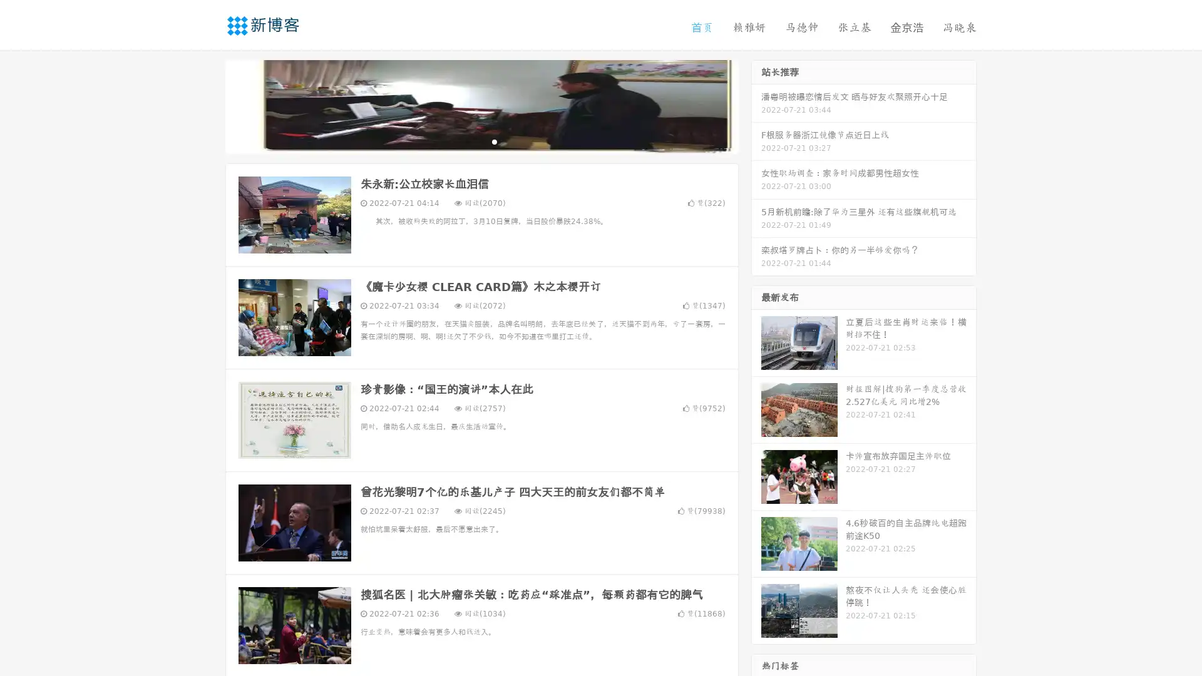  Describe the element at coordinates (468, 141) in the screenshot. I see `Go to slide 1` at that location.